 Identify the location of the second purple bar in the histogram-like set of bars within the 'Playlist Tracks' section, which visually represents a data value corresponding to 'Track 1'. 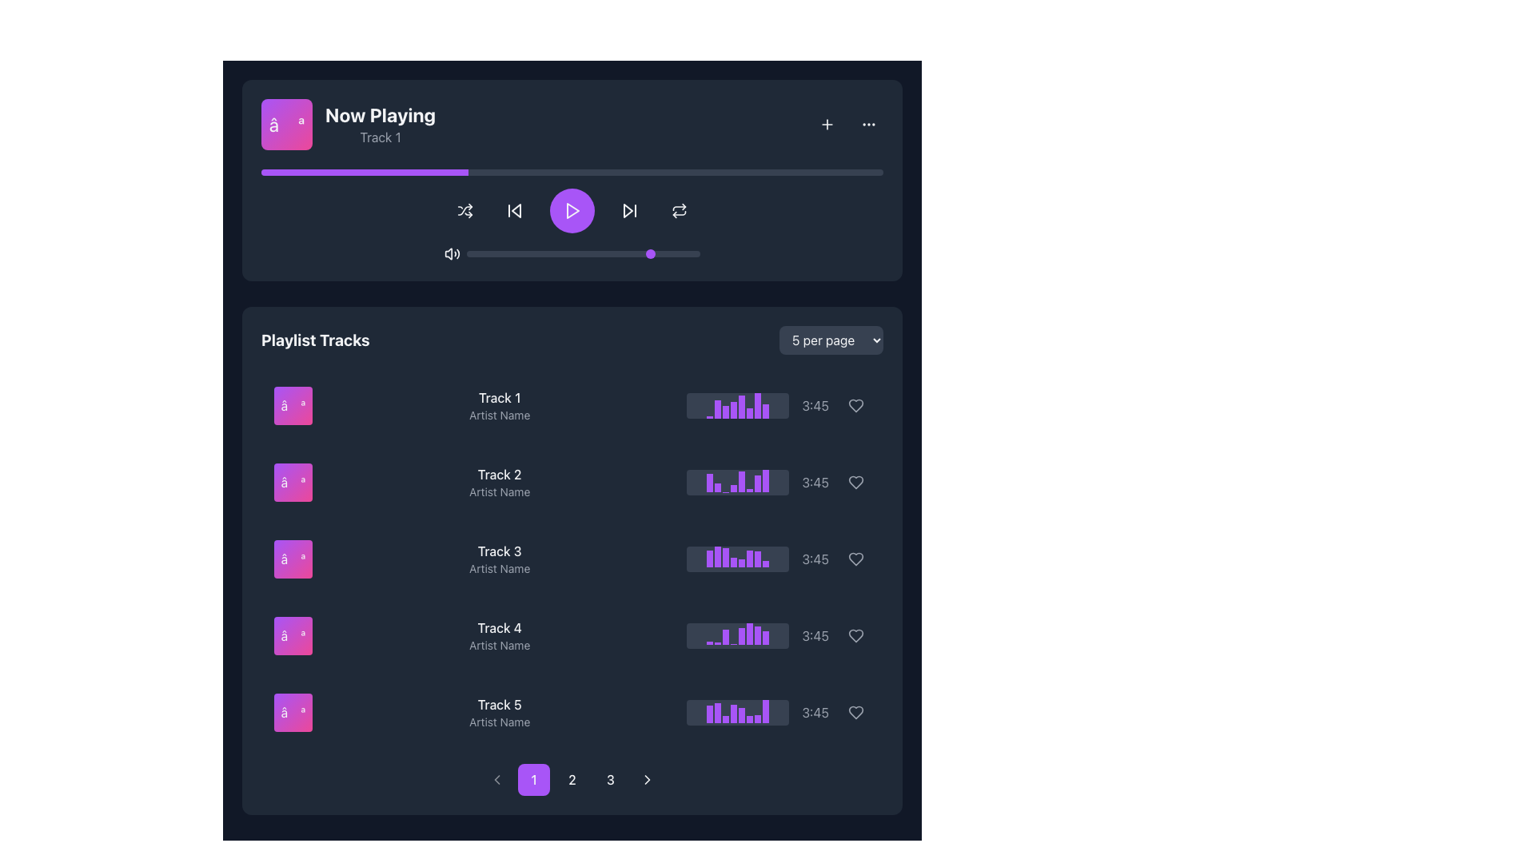
(717, 408).